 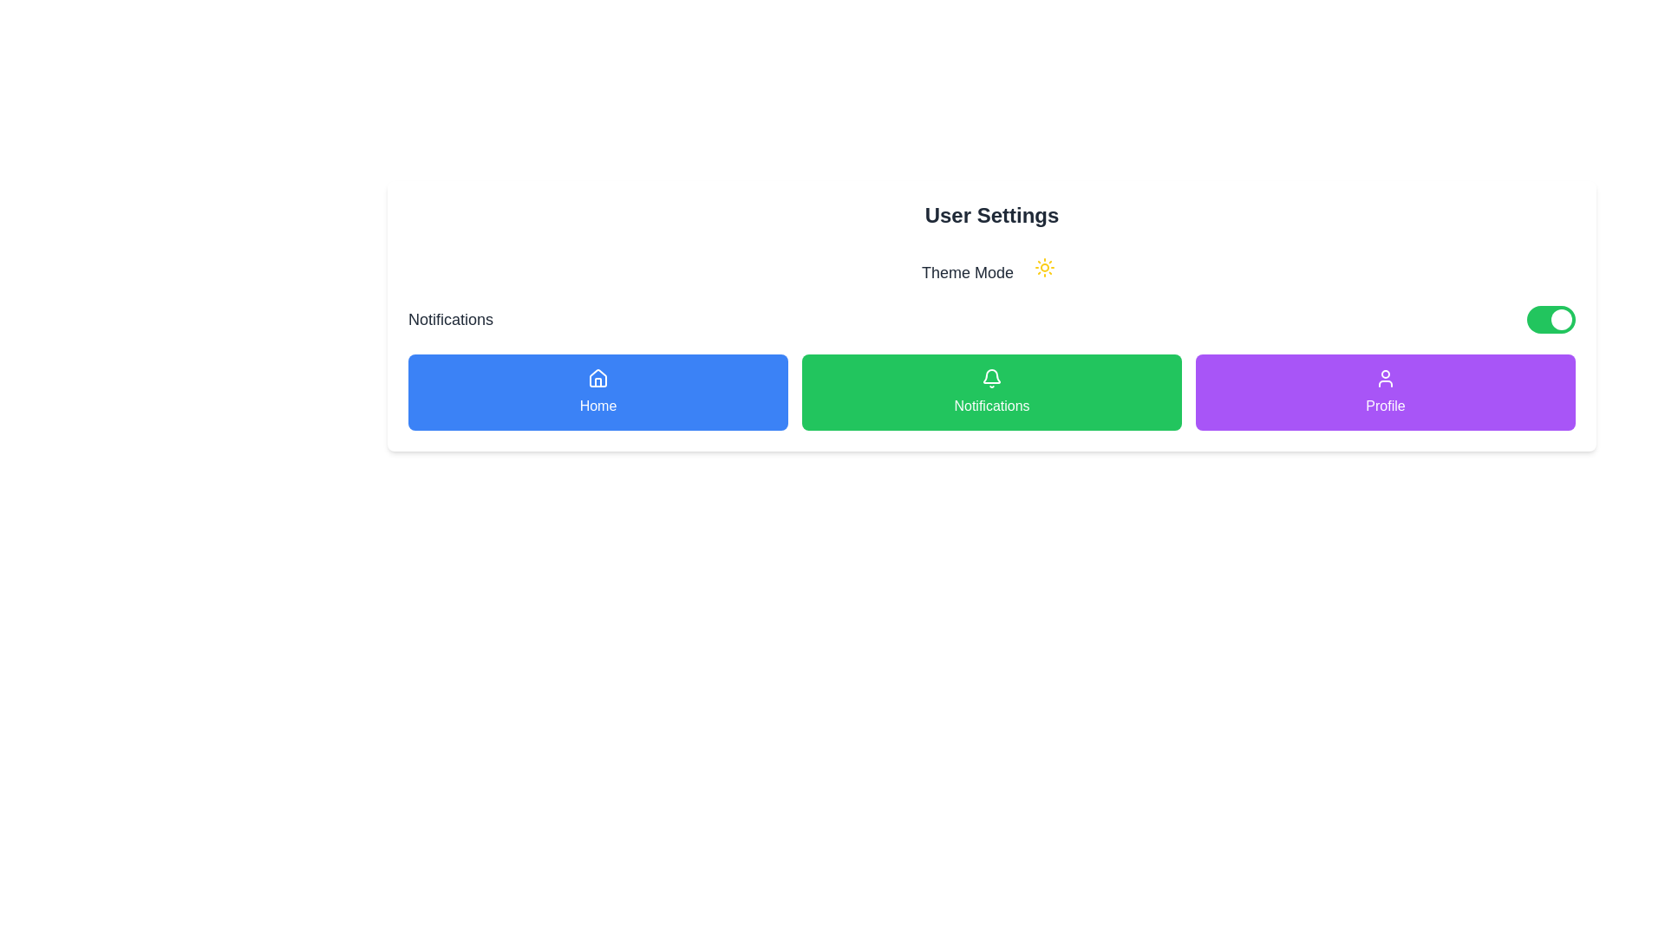 I want to click on the bell icon located at the center of the green button labeled 'Notifications', so click(x=991, y=377).